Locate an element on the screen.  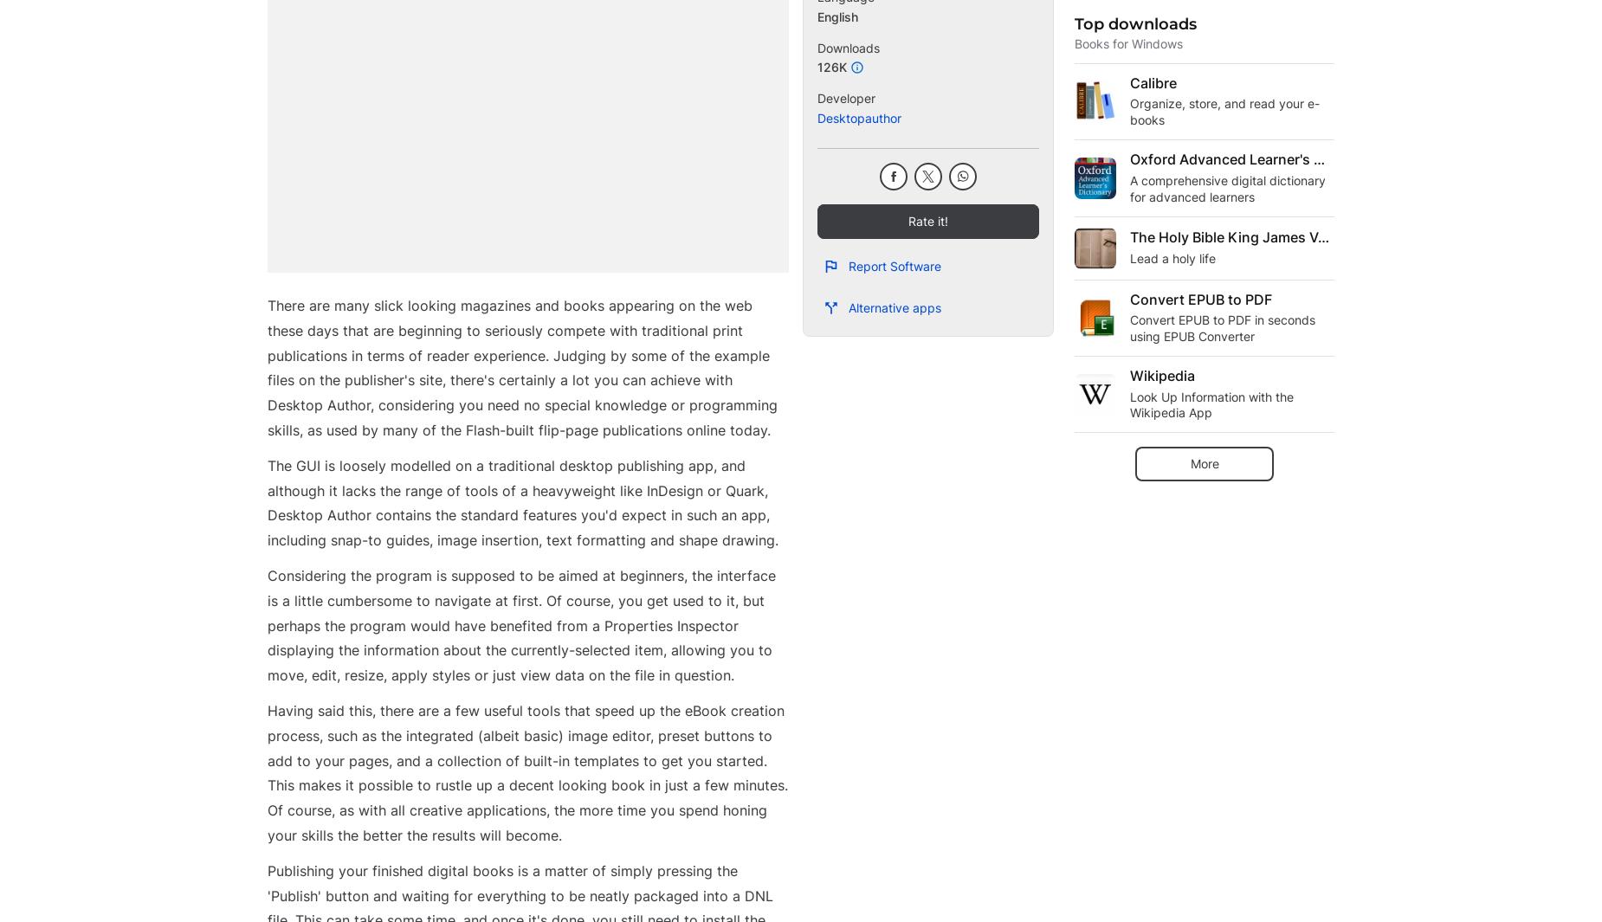
'B2B' is located at coordinates (581, 831).